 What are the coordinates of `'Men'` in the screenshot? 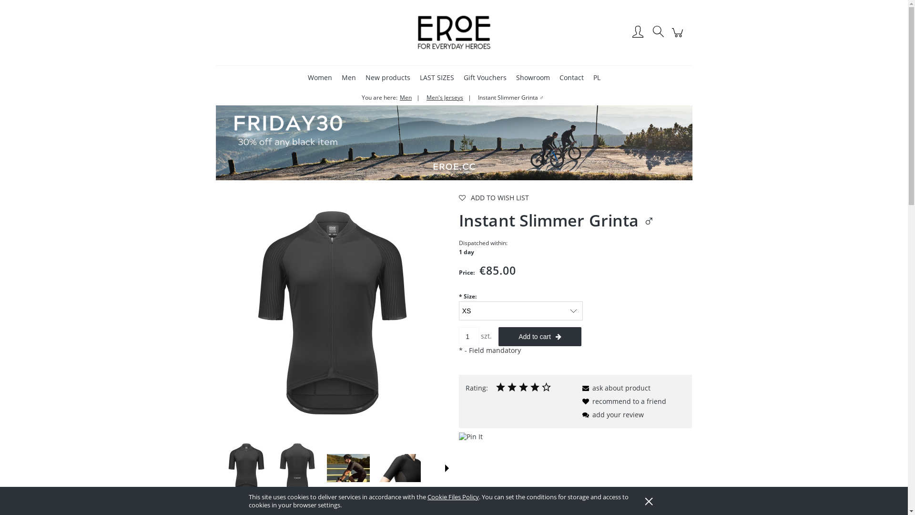 It's located at (337, 77).